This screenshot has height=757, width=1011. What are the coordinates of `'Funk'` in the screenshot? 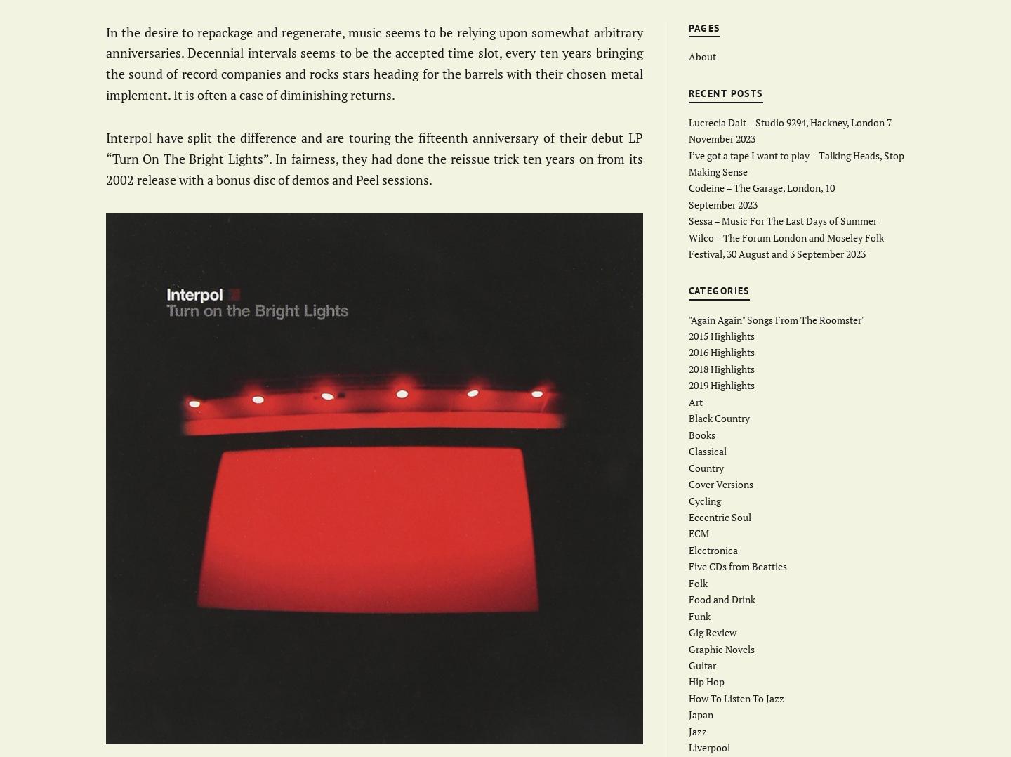 It's located at (687, 614).